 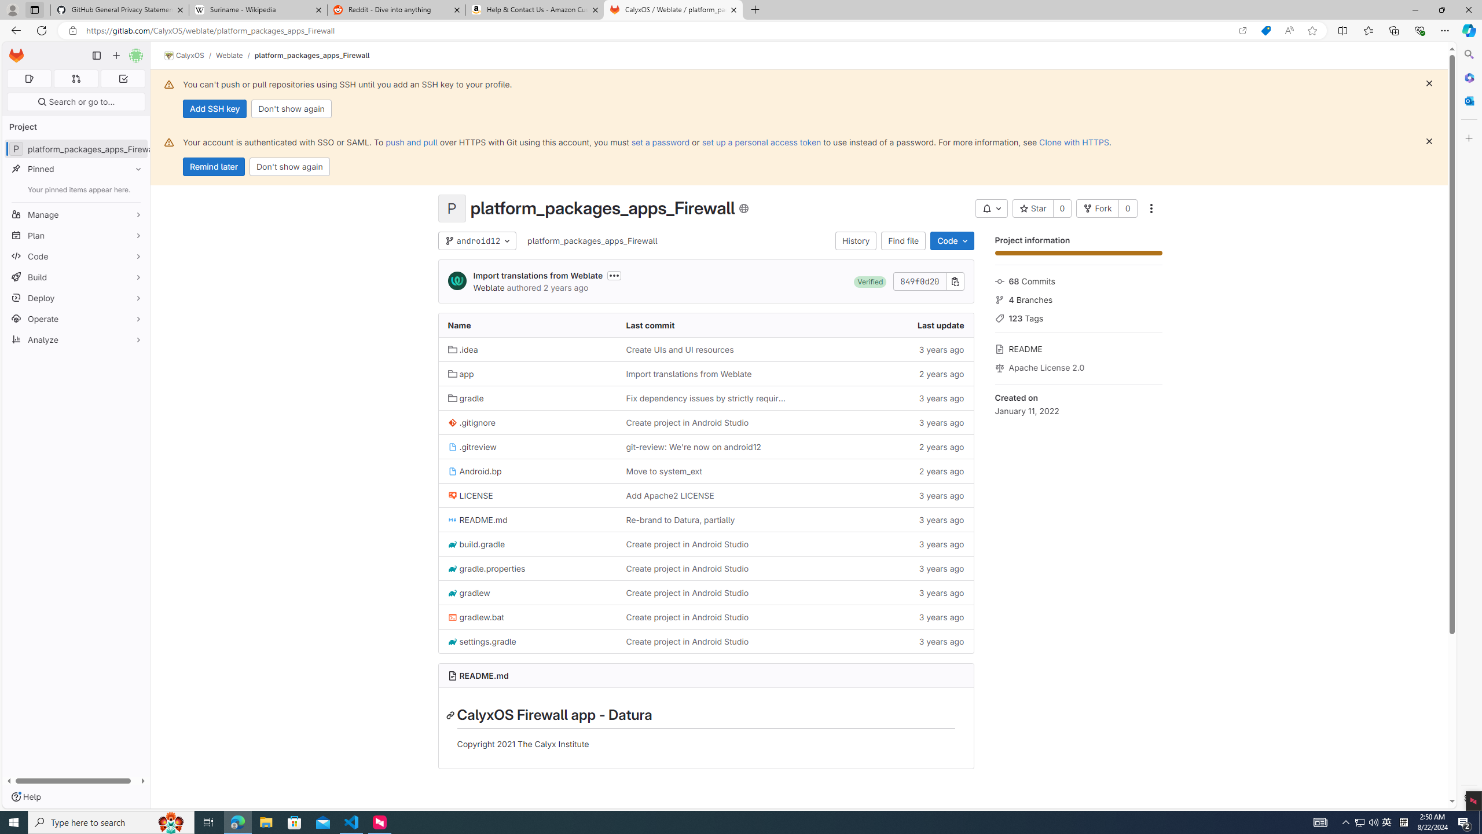 I want to click on 'gradle', so click(x=527, y=397).